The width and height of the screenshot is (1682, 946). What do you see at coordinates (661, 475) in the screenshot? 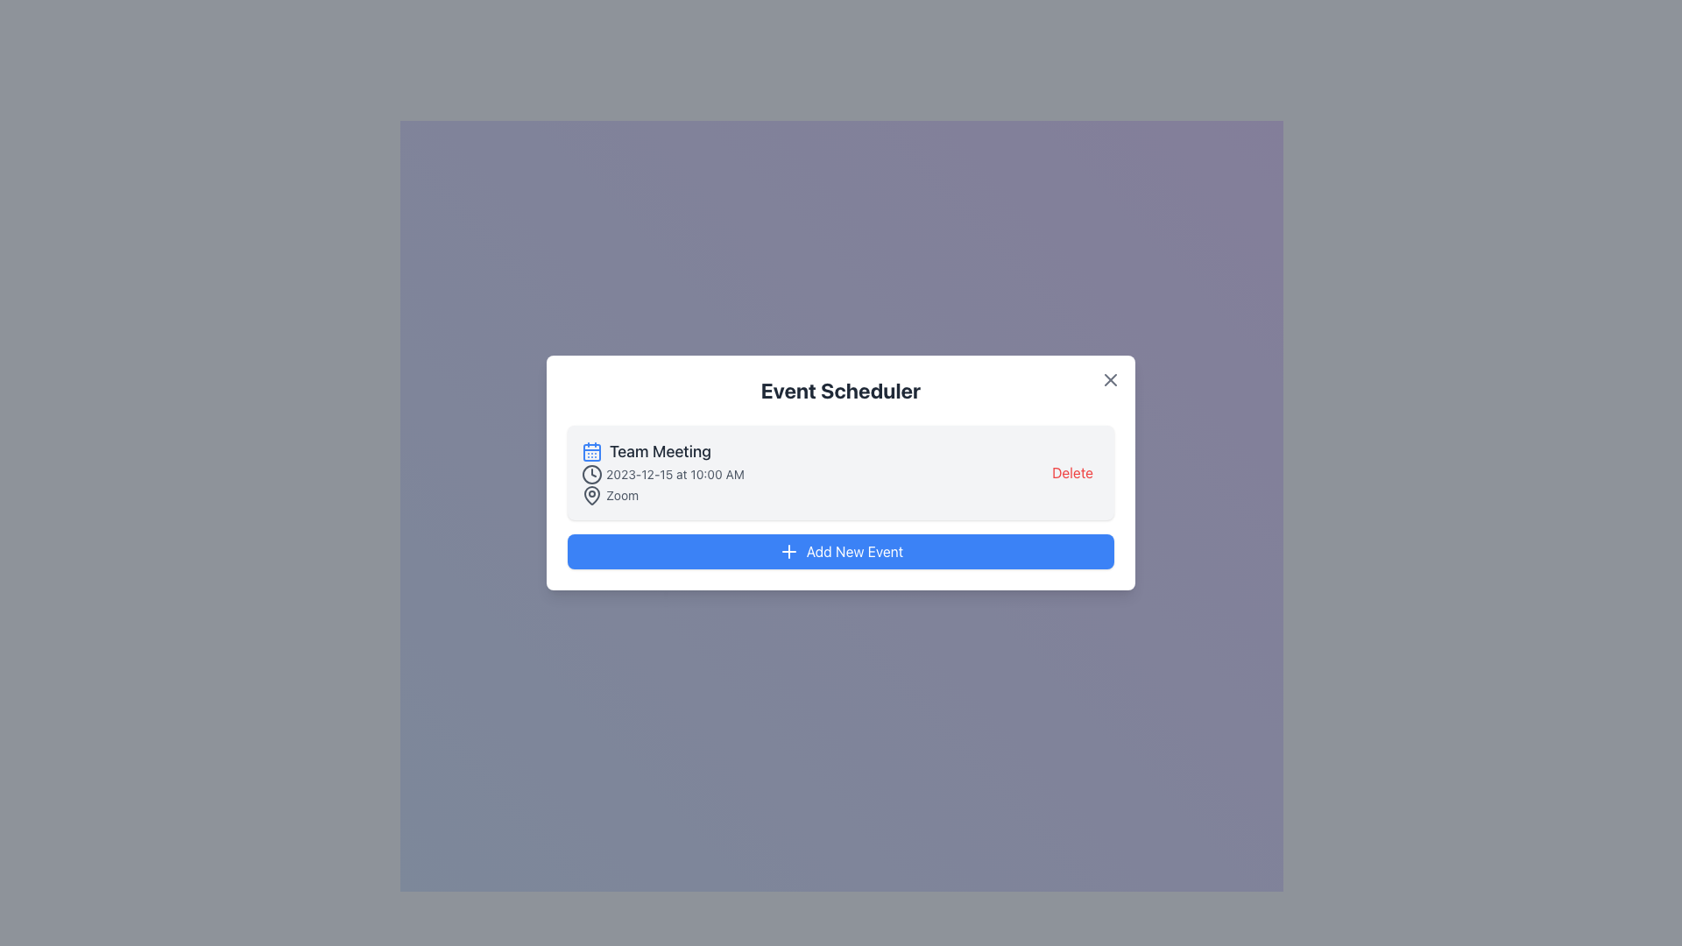
I see `timestamp information displayed as '2023-12-15 at 10:00 AM' in the Event Scheduler modal, located below the 'Team Meeting' heading and above the 'Zoom' label` at bounding box center [661, 475].